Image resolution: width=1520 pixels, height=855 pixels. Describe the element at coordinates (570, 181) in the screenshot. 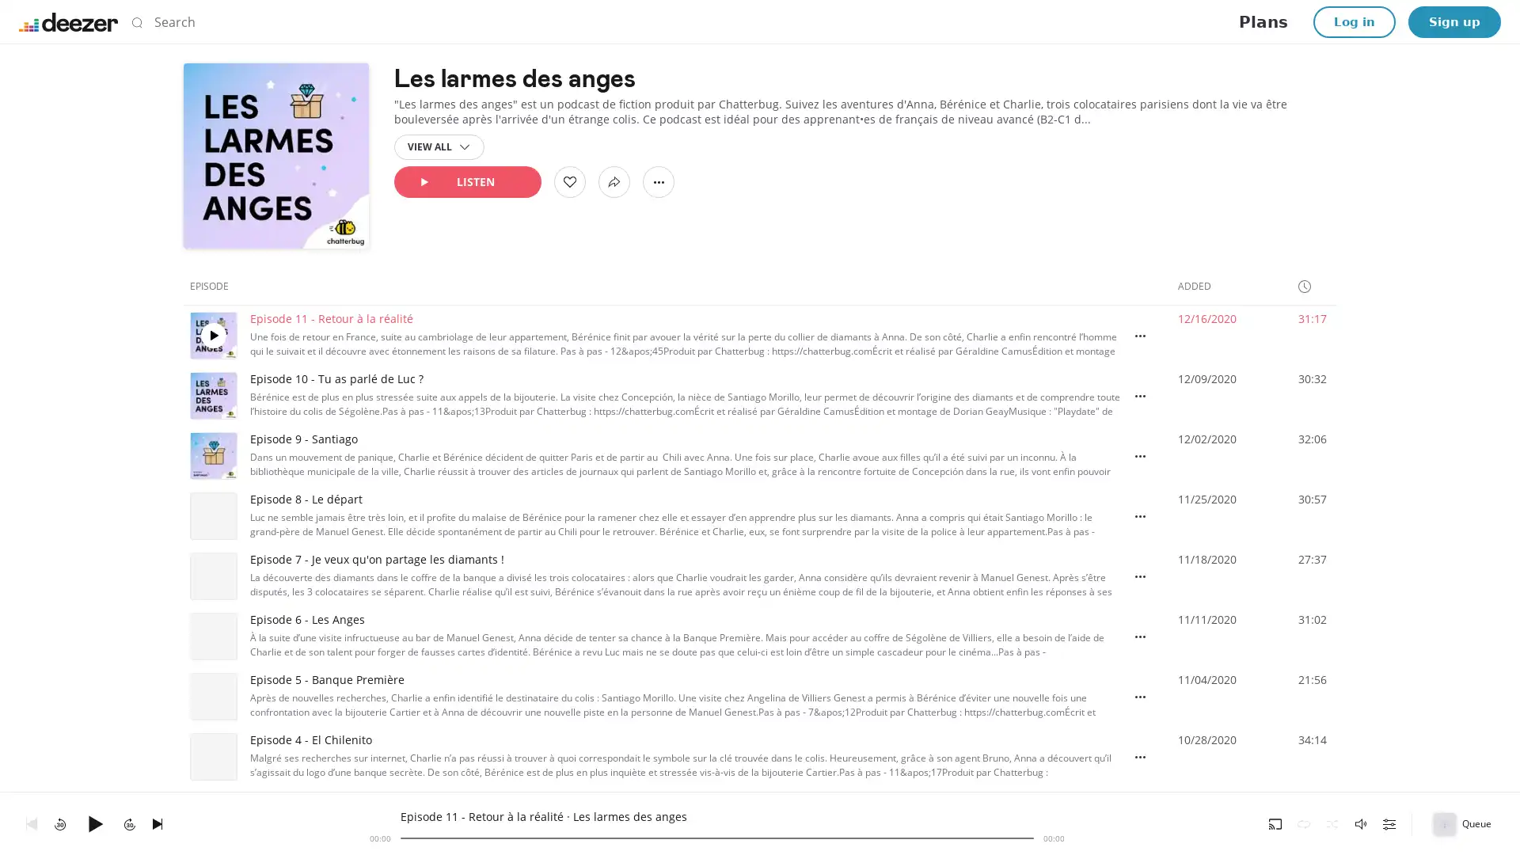

I see `Add` at that location.